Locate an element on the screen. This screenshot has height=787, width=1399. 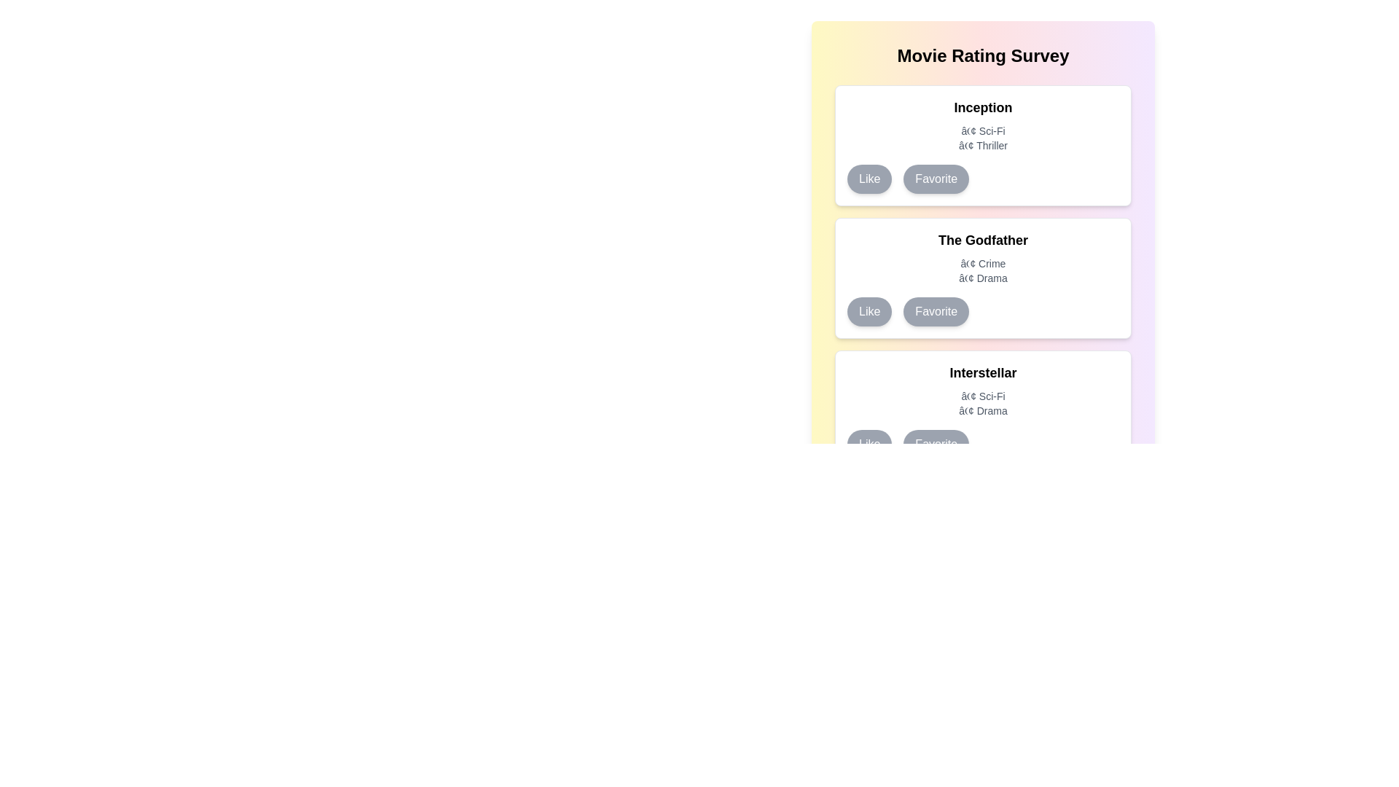
the 'Favorite' button, which is a rounded rectangle with a gray background and white text, located to the right of the 'Like' button under the section 'The Godfather' is located at coordinates (936, 311).